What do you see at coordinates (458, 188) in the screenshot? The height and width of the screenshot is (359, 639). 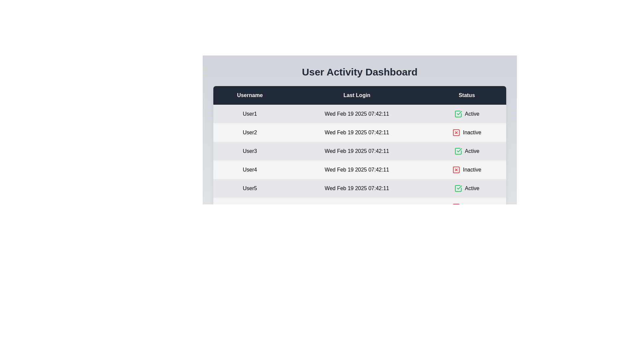 I see `the status icon for user User5` at bounding box center [458, 188].